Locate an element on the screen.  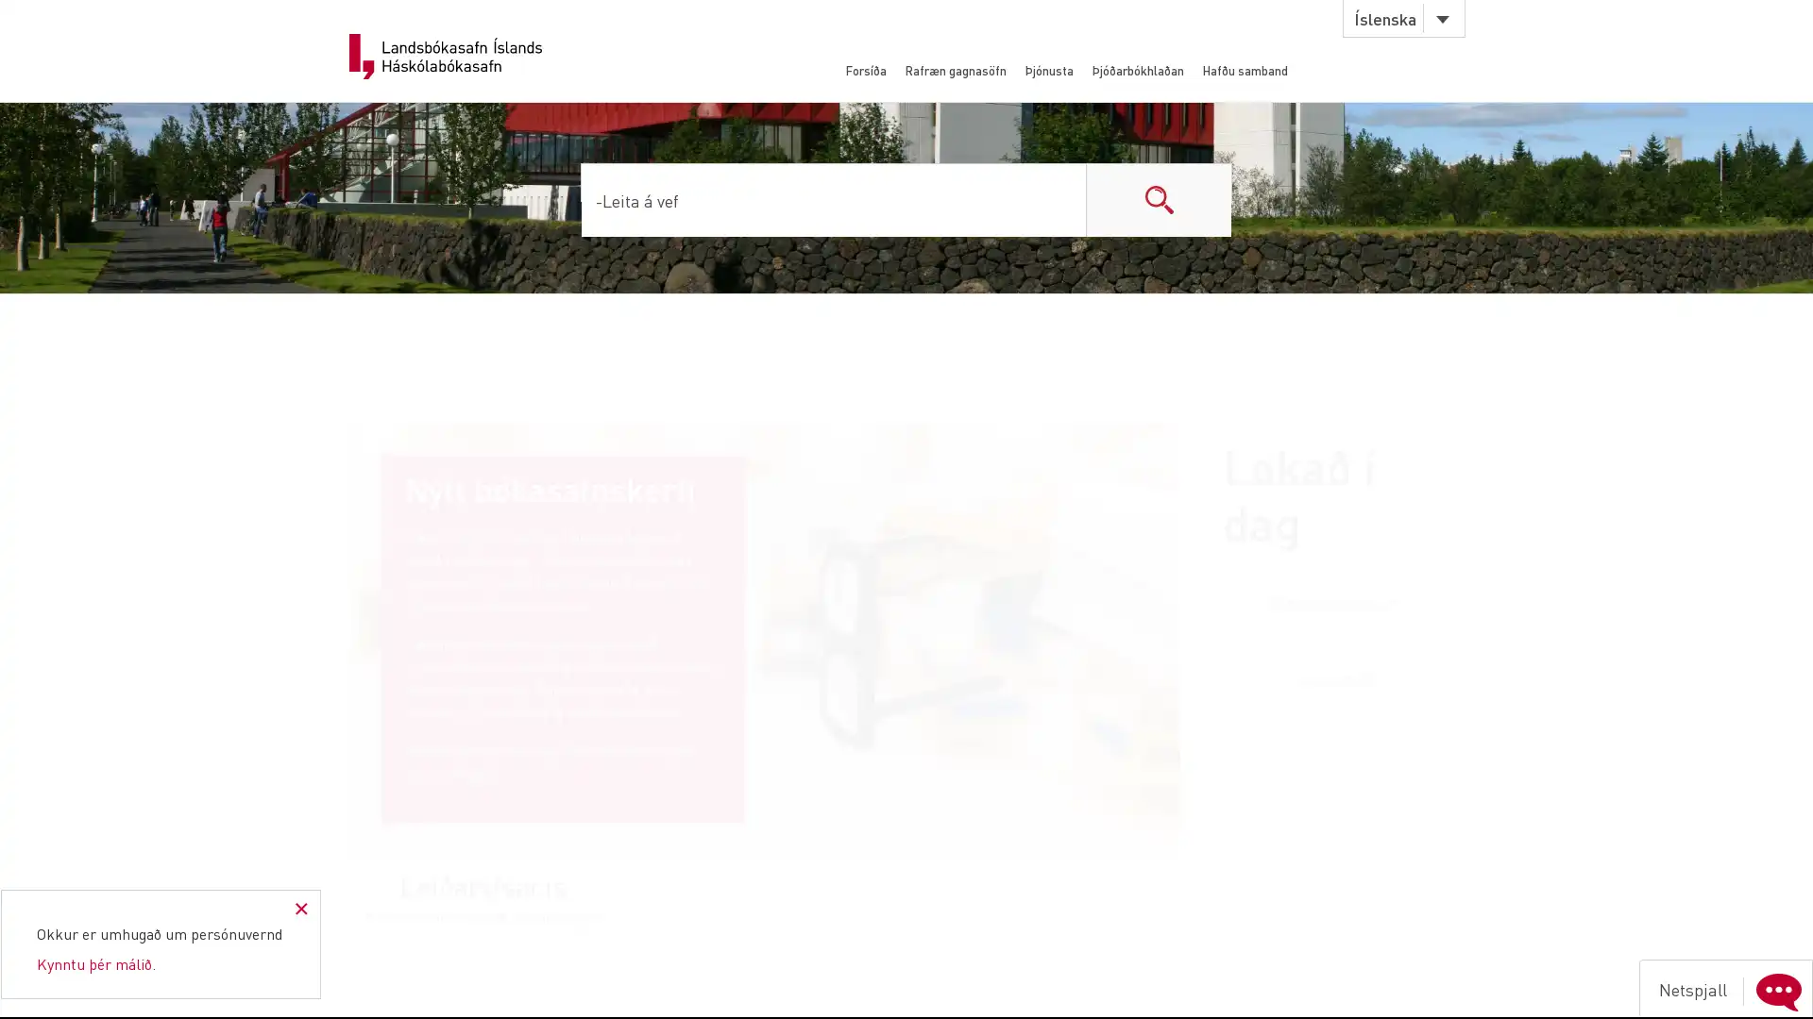
leita is located at coordinates (1158, 199).